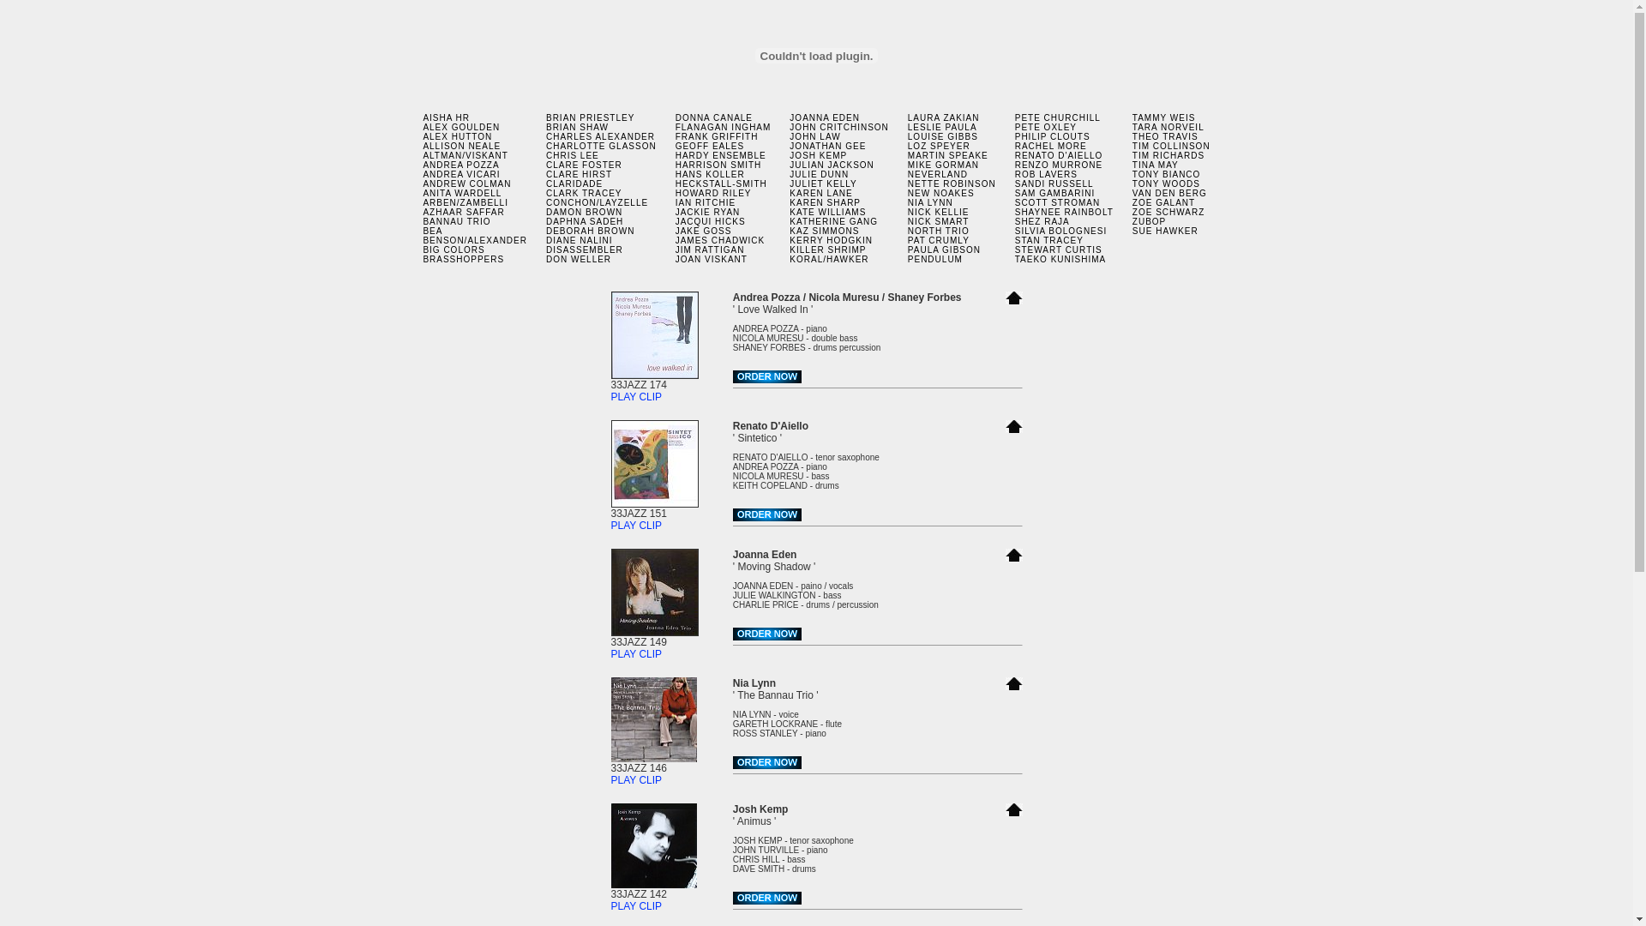 This screenshot has height=926, width=1646. I want to click on 'ALEX HUTTON', so click(457, 135).